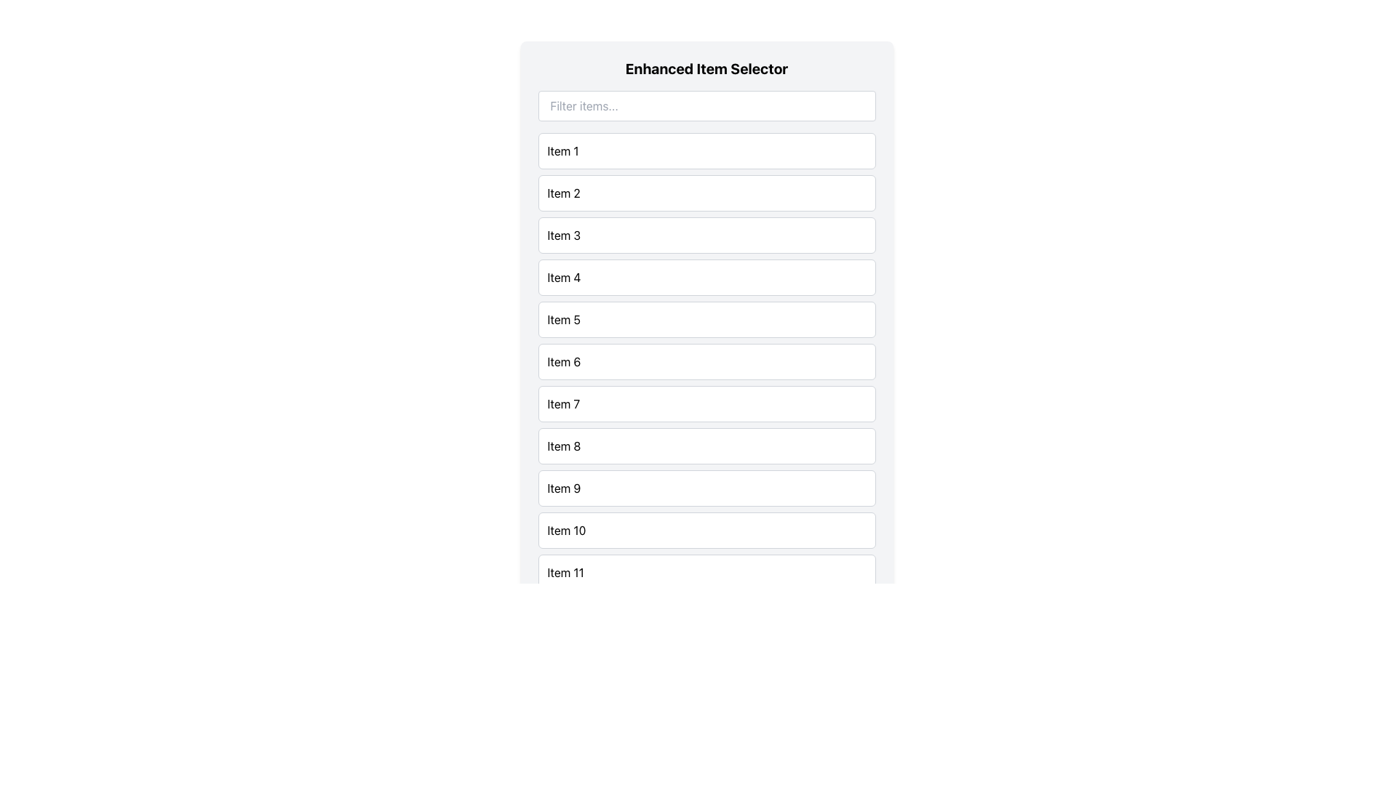 The width and height of the screenshot is (1397, 785). What do you see at coordinates (707, 361) in the screenshot?
I see `the selectable list item labeled 'Item 6' in the Enhanced Item Selector` at bounding box center [707, 361].